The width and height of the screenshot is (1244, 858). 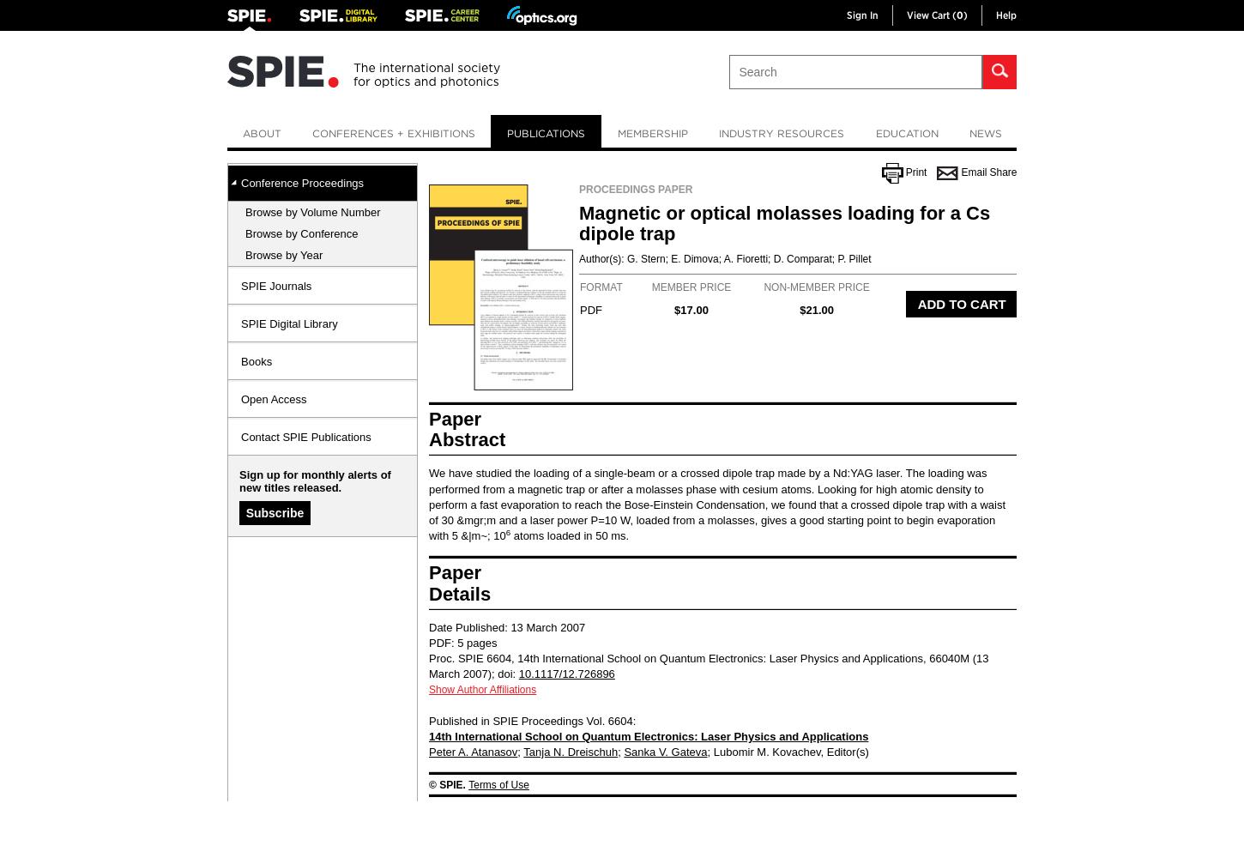 I want to click on 'Show Author Affiliations', so click(x=482, y=690).